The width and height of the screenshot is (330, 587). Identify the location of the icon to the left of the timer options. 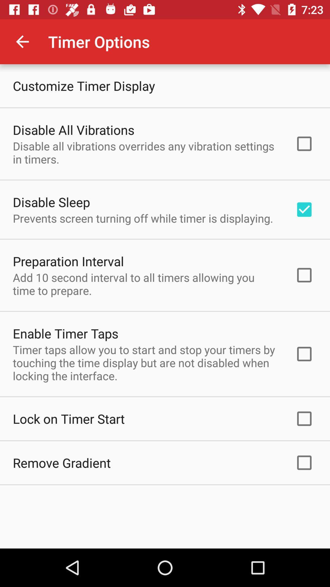
(22, 41).